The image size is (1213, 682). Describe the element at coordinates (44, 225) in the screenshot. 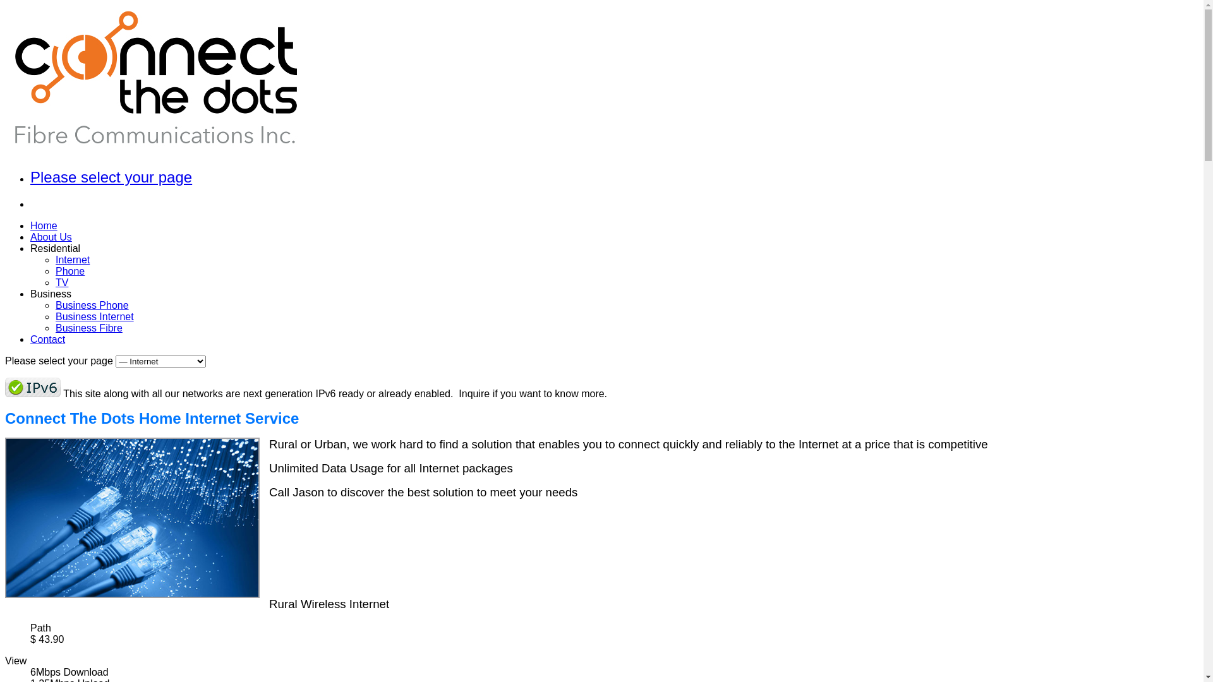

I see `'Home'` at that location.